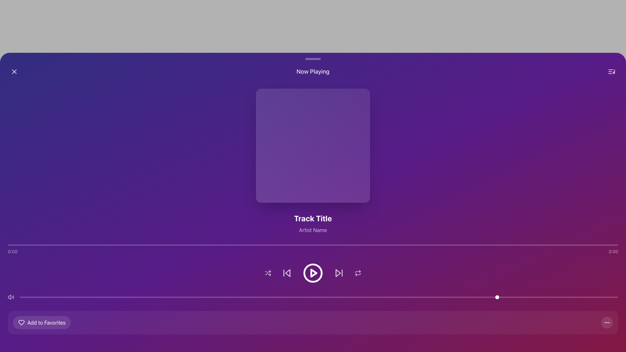 This screenshot has height=352, width=626. I want to click on the curved line graphic icon that is part of the media control options in the control bar, positioned to the right of the play button, so click(358, 272).